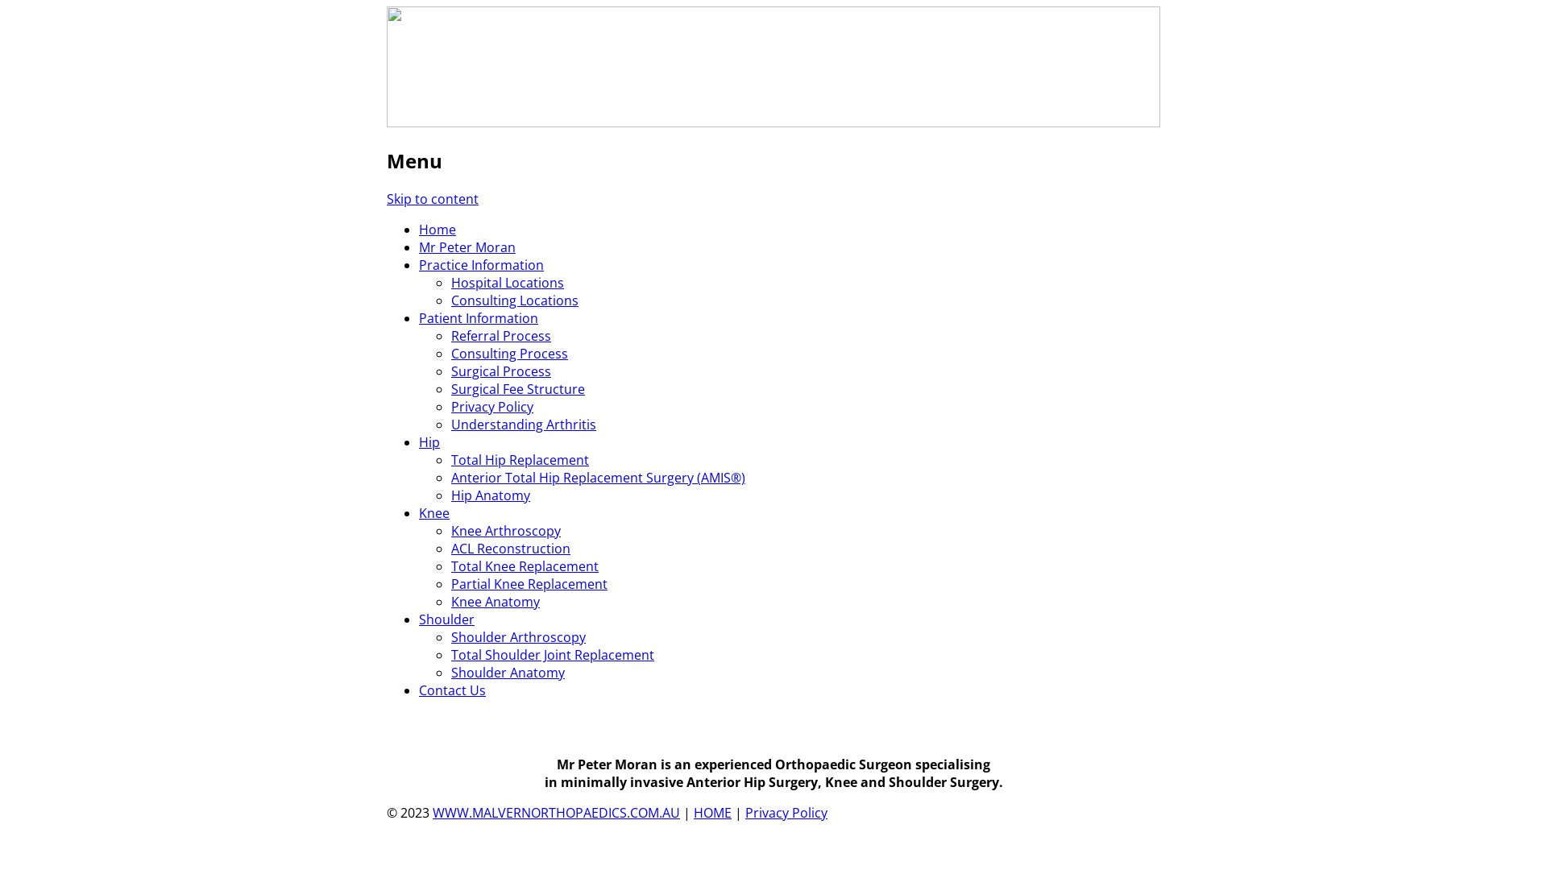 The image size is (1547, 870). Describe the element at coordinates (509, 548) in the screenshot. I see `'ACL Reconstruction'` at that location.